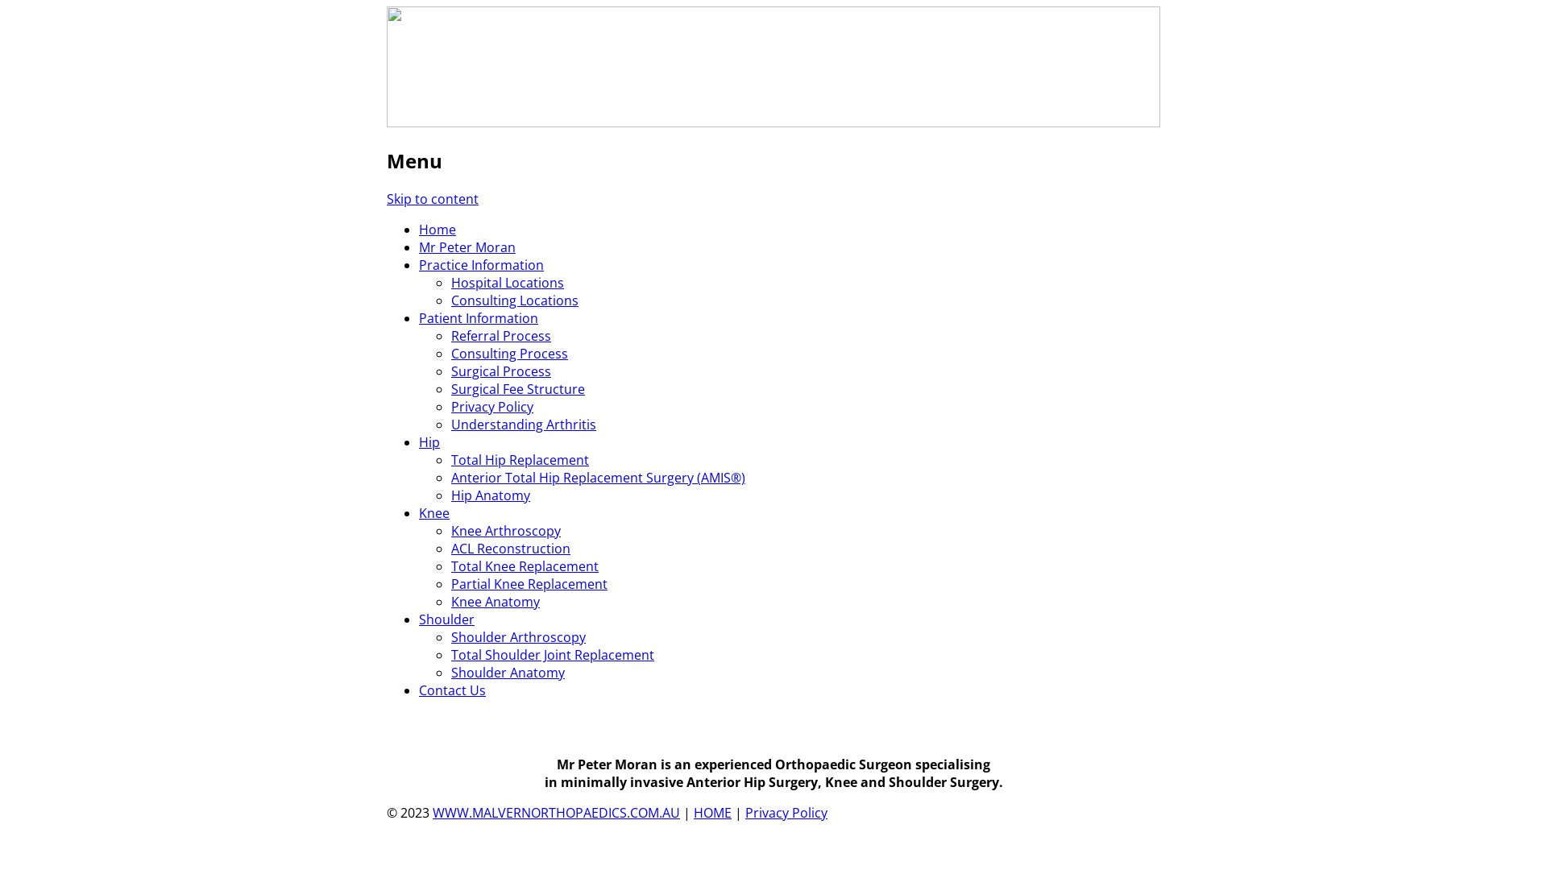 The image size is (1547, 870). Describe the element at coordinates (509, 548) in the screenshot. I see `'ACL Reconstruction'` at that location.